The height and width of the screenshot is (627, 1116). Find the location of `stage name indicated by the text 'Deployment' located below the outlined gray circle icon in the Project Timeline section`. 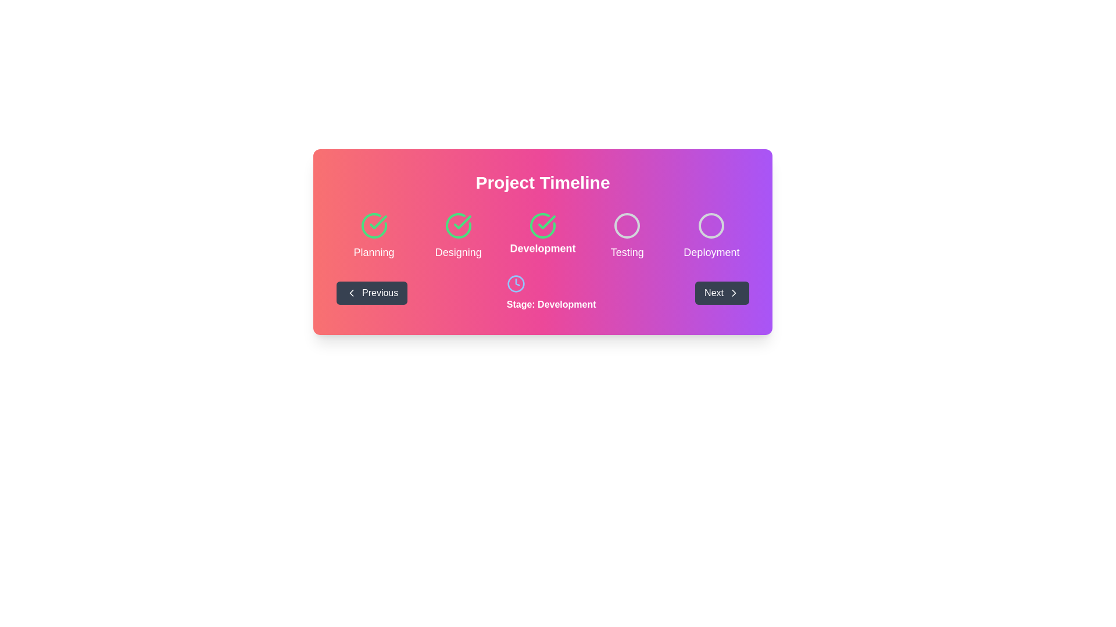

stage name indicated by the text 'Deployment' located below the outlined gray circle icon in the Project Timeline section is located at coordinates (711, 236).